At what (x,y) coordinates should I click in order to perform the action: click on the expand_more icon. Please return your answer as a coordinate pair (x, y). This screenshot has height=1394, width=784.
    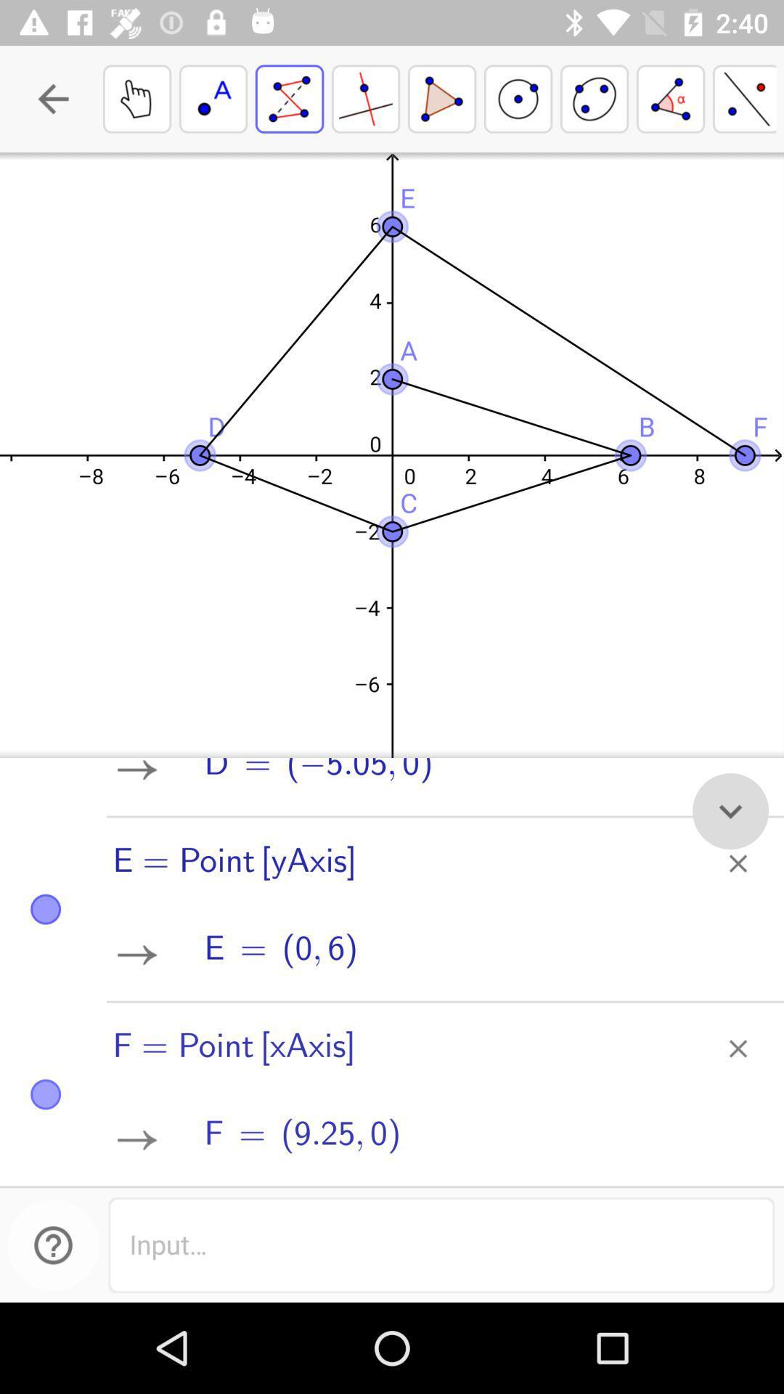
    Looking at the image, I should click on (730, 810).